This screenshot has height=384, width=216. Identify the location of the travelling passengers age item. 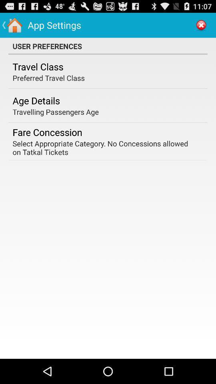
(55, 111).